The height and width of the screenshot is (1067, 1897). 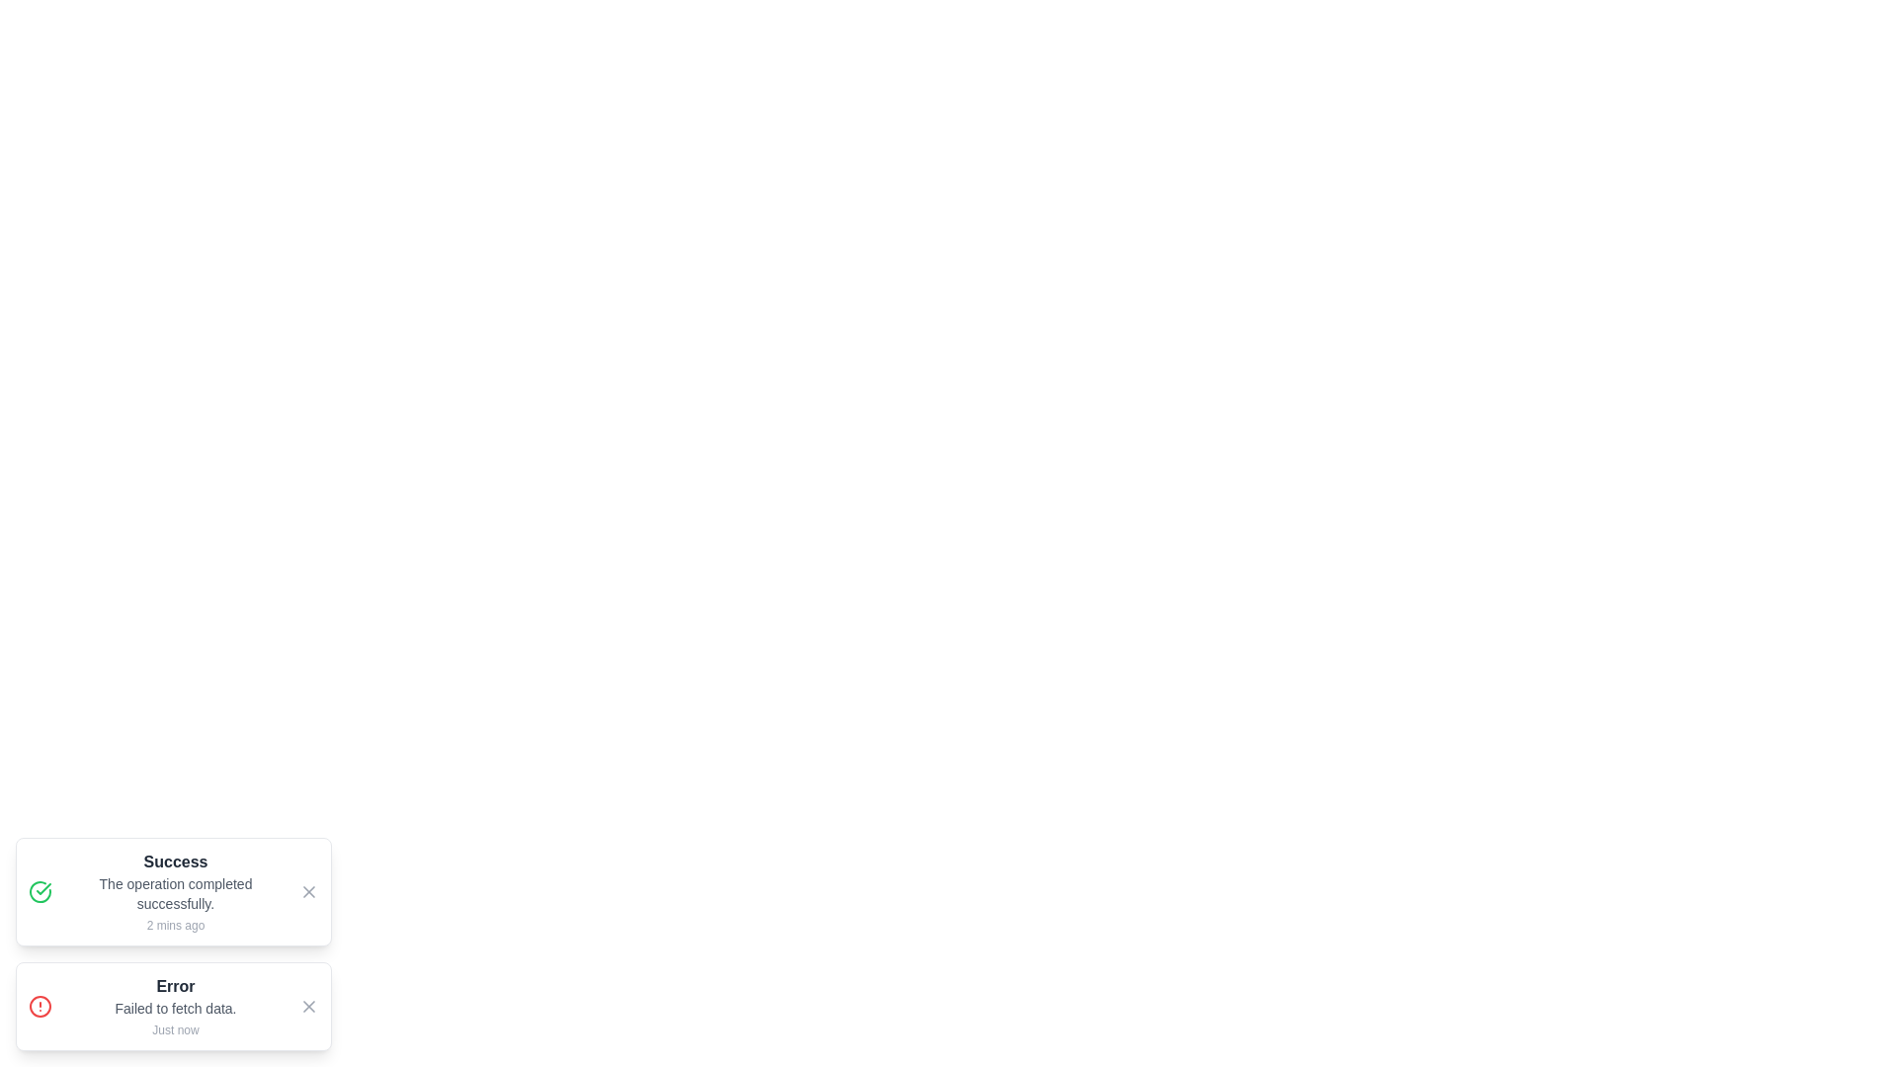 I want to click on the textual notification block displaying 'Success' with the description 'The operation completed successfully.', so click(x=175, y=891).